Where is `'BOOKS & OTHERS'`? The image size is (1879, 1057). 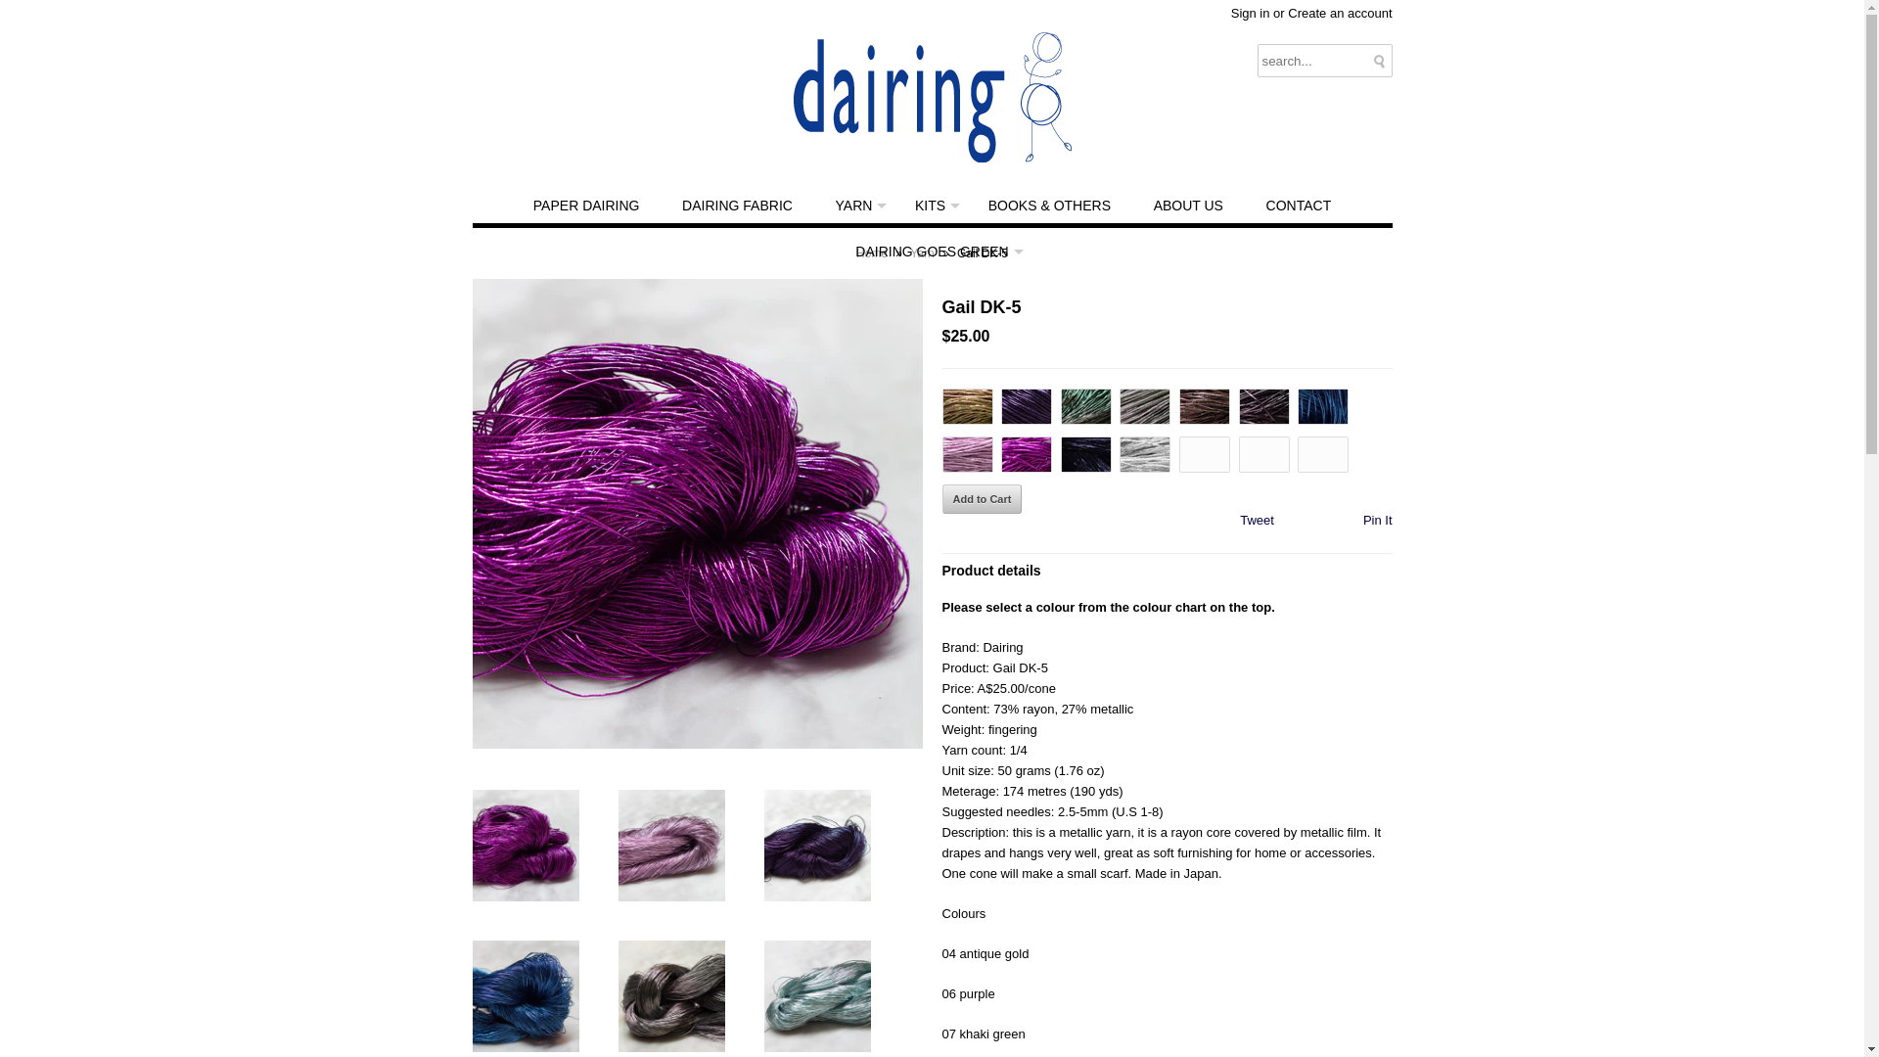 'BOOKS & OTHERS' is located at coordinates (1048, 206).